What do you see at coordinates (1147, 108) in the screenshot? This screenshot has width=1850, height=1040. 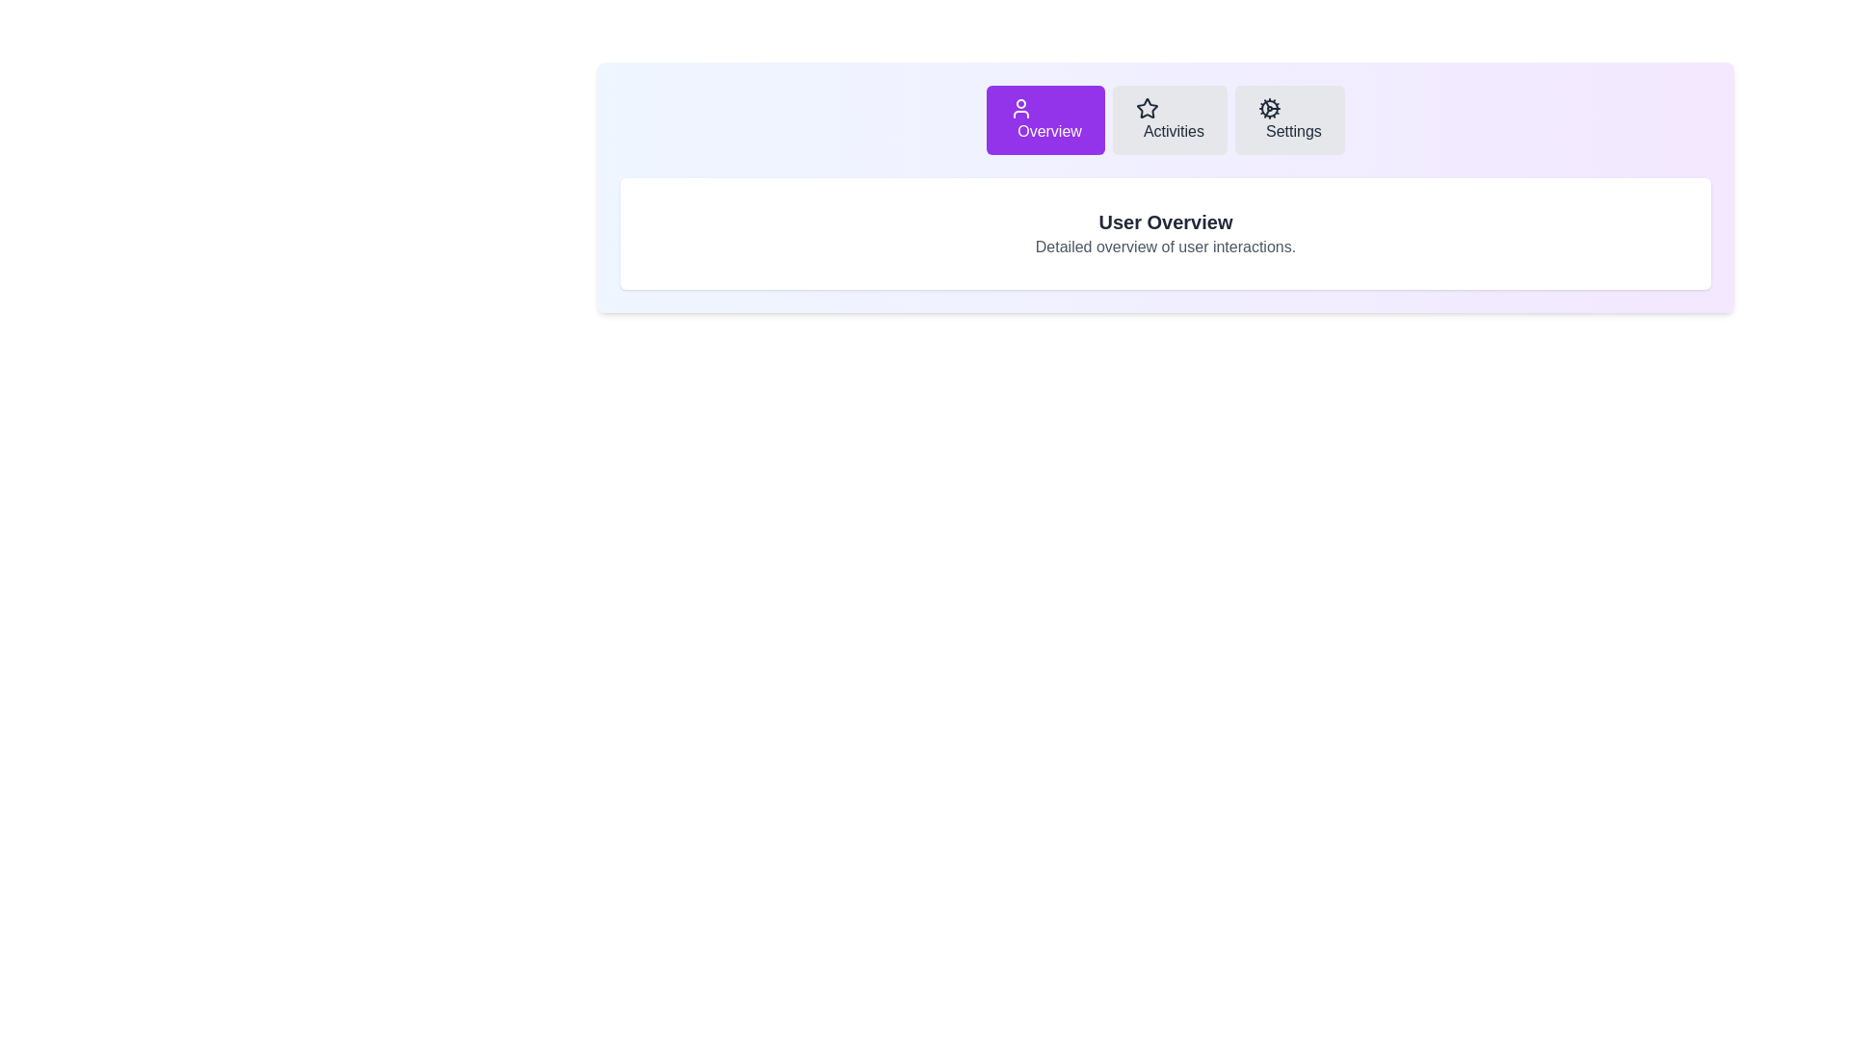 I see `the 'Activities' button containing the star icon, which is styled with a modern, thin-line design and outlined in black, located in the top navigation bar` at bounding box center [1147, 108].